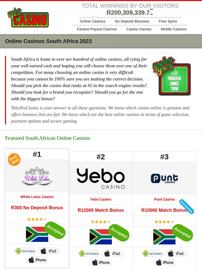  What do you see at coordinates (32, 154) in the screenshot?
I see `'#1'` at bounding box center [32, 154].